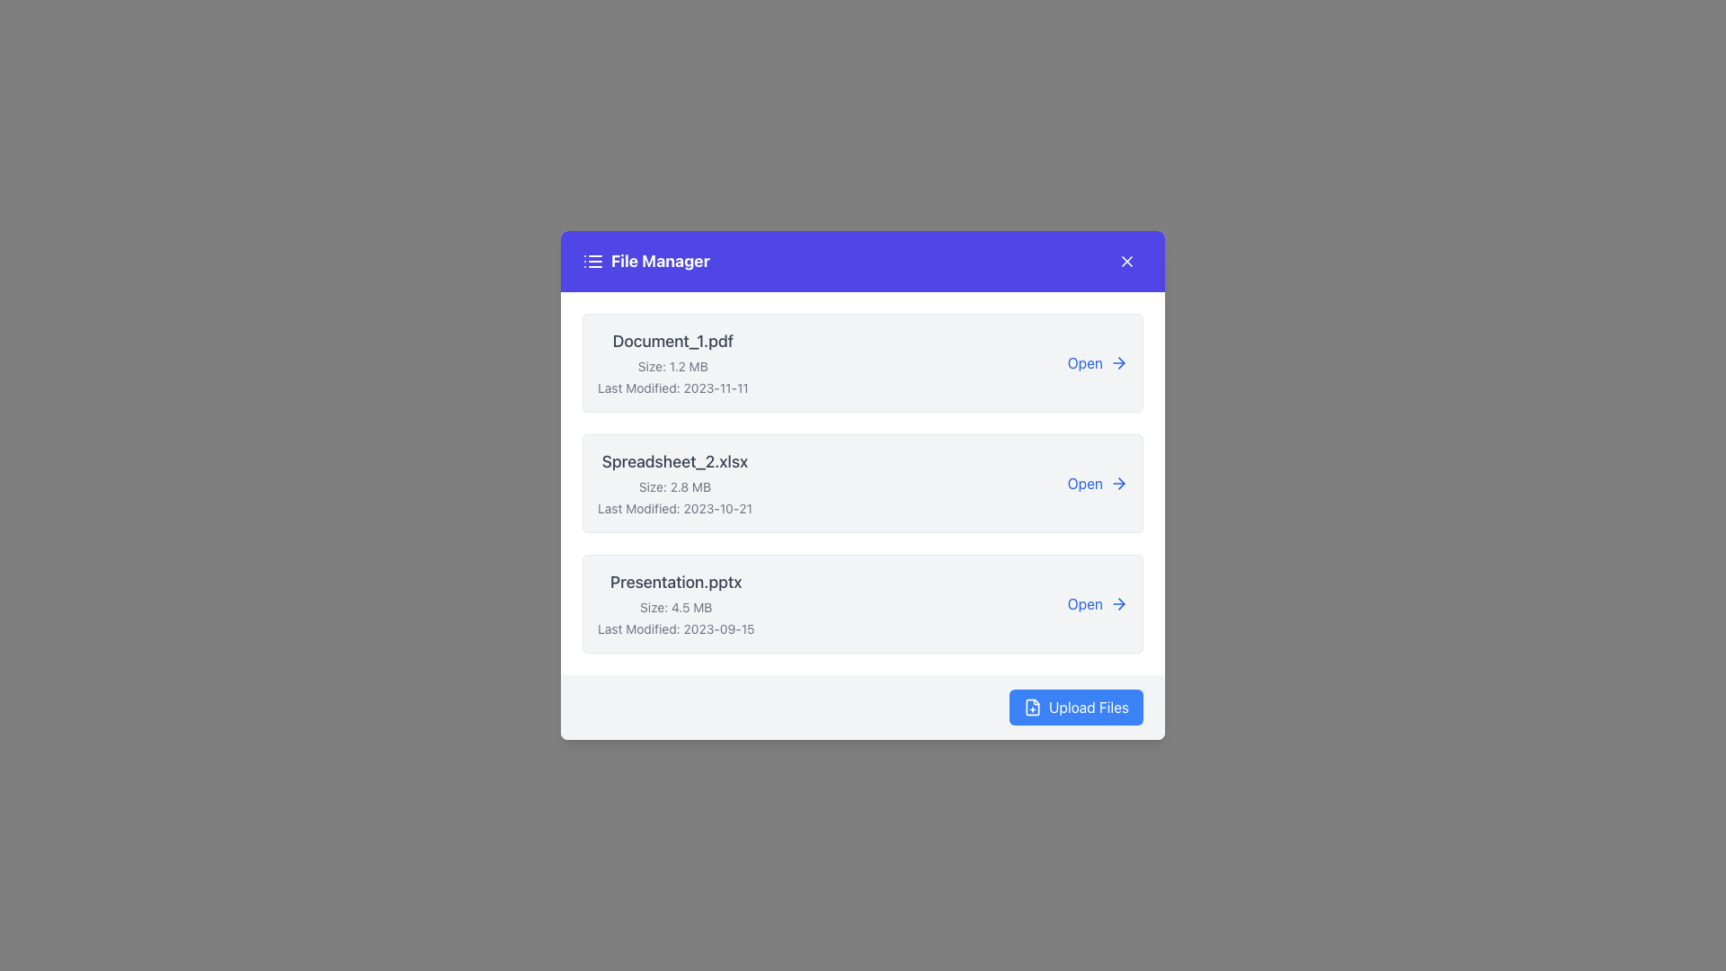 Image resolution: width=1726 pixels, height=971 pixels. I want to click on the right-pointing arrow icon button located to the right of the 'Open' label for the file 'Presentation.pptx', so click(1121, 603).